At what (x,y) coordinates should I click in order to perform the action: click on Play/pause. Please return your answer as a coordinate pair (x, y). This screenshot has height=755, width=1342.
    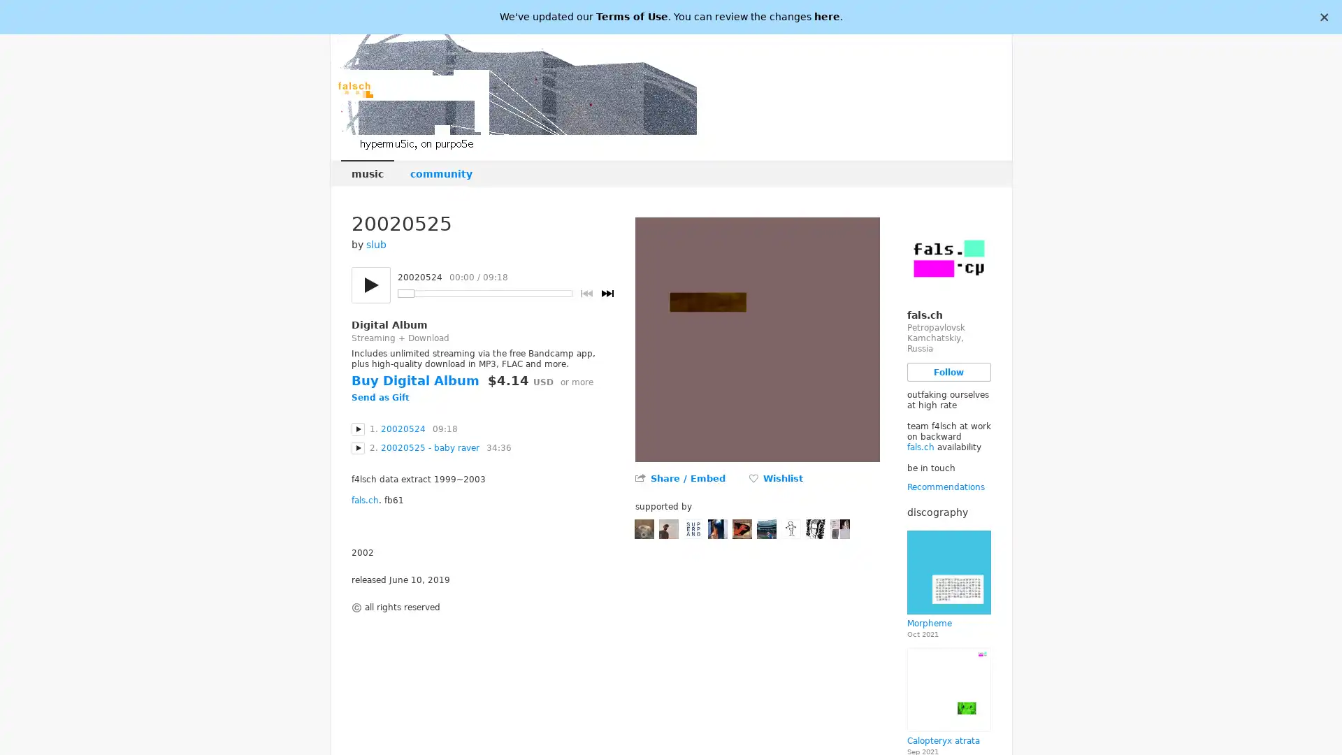
    Looking at the image, I should click on (370, 285).